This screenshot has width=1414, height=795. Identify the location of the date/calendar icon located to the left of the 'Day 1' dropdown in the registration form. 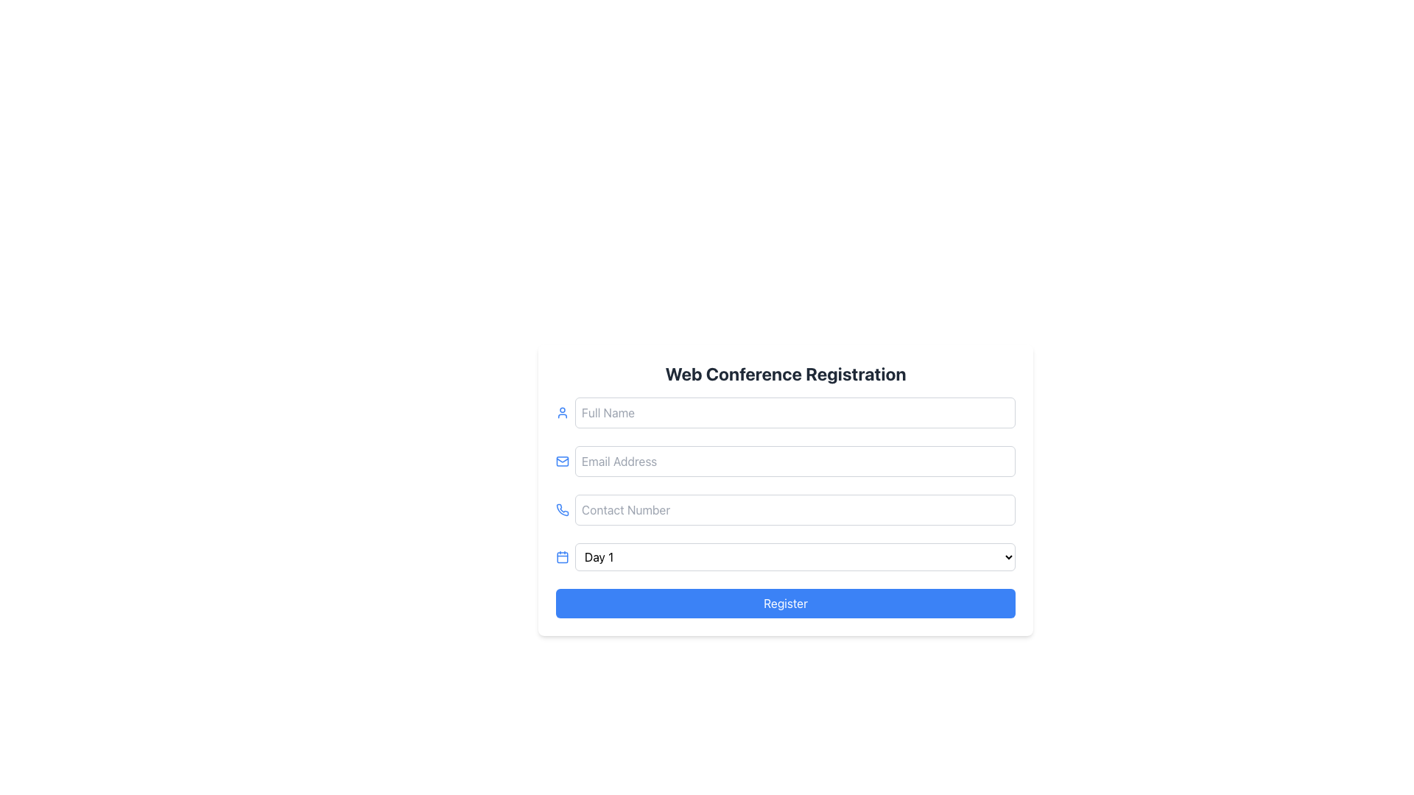
(561, 556).